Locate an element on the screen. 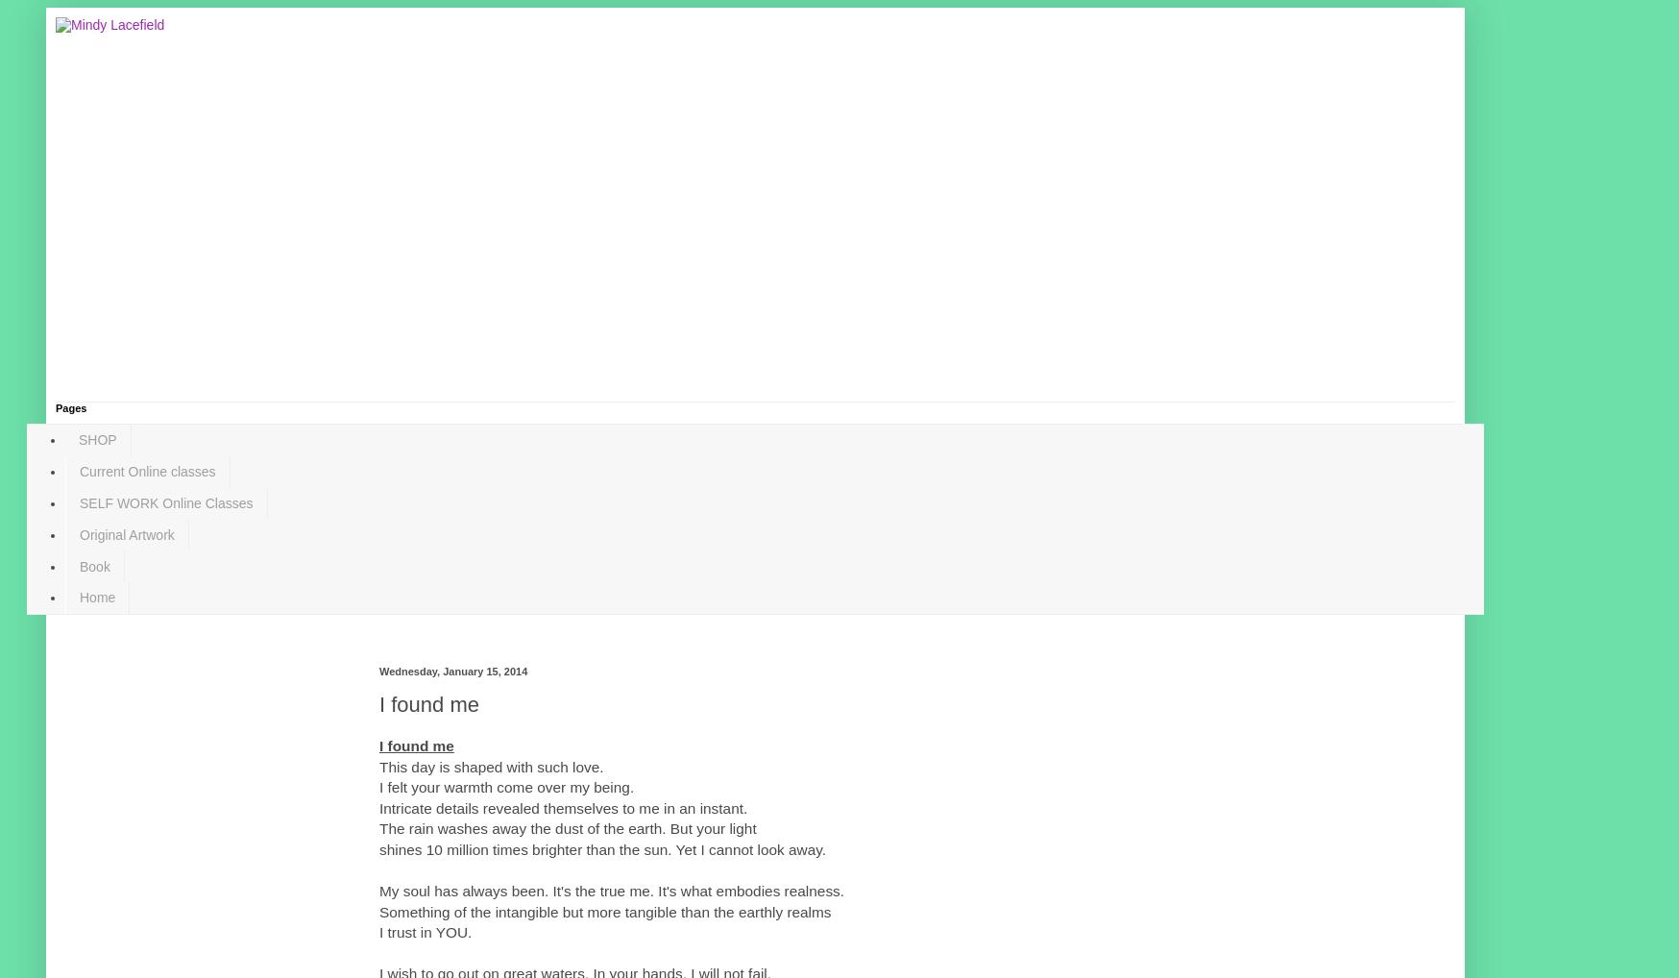  'Wednesday, January 15, 2014' is located at coordinates (451, 671).